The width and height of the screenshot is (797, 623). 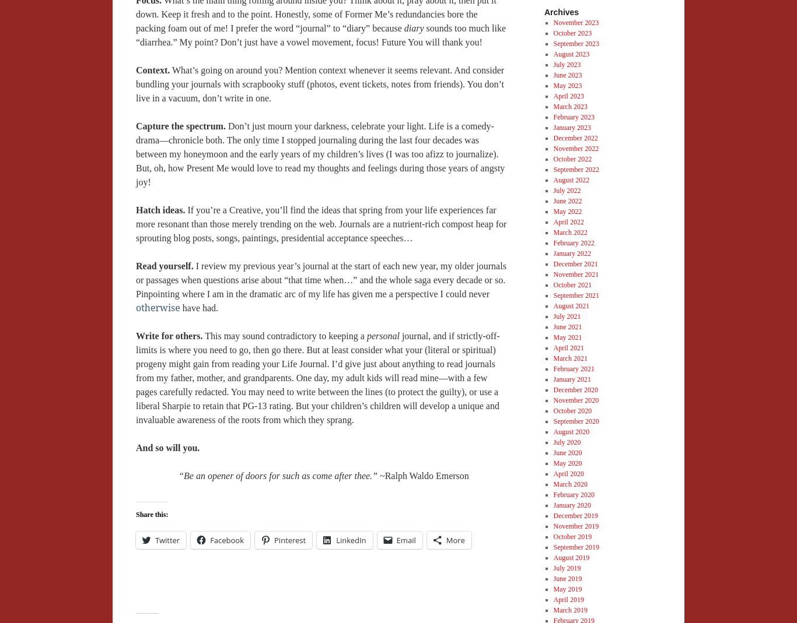 What do you see at coordinates (553, 368) in the screenshot?
I see `'February 2021'` at bounding box center [553, 368].